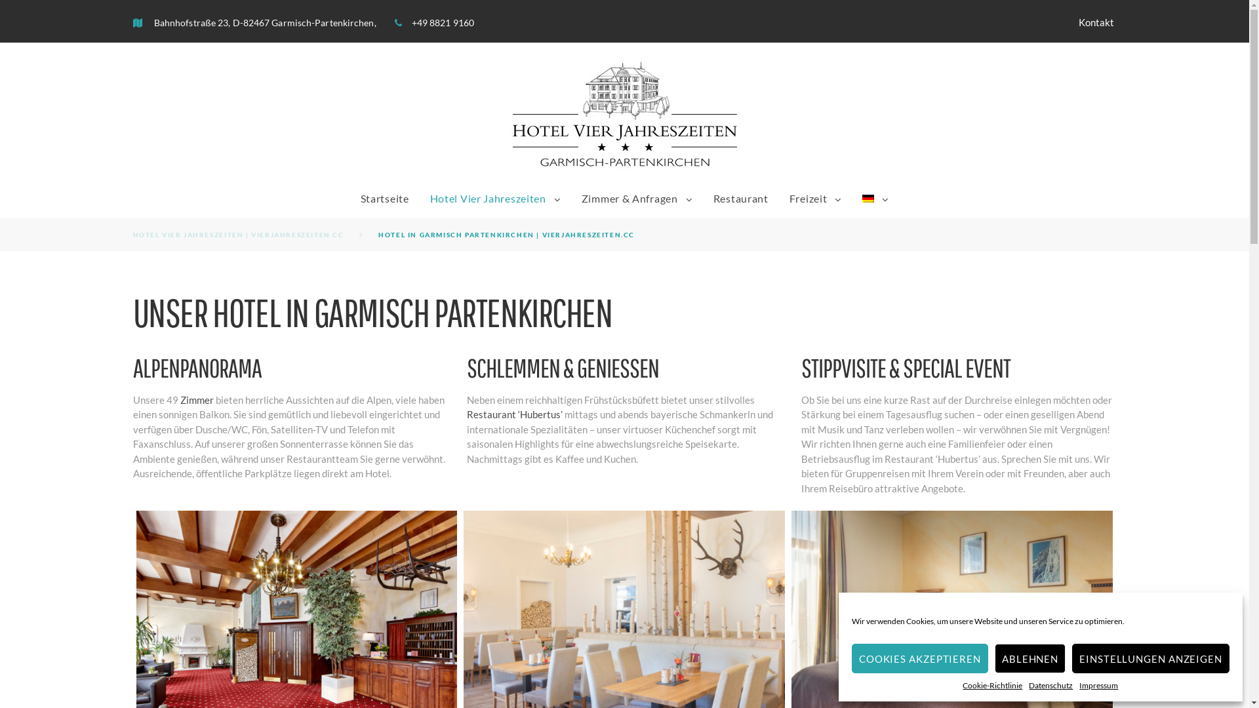 The image size is (1259, 708). Describe the element at coordinates (629, 197) in the screenshot. I see `'Zimmer & Anfragen'` at that location.